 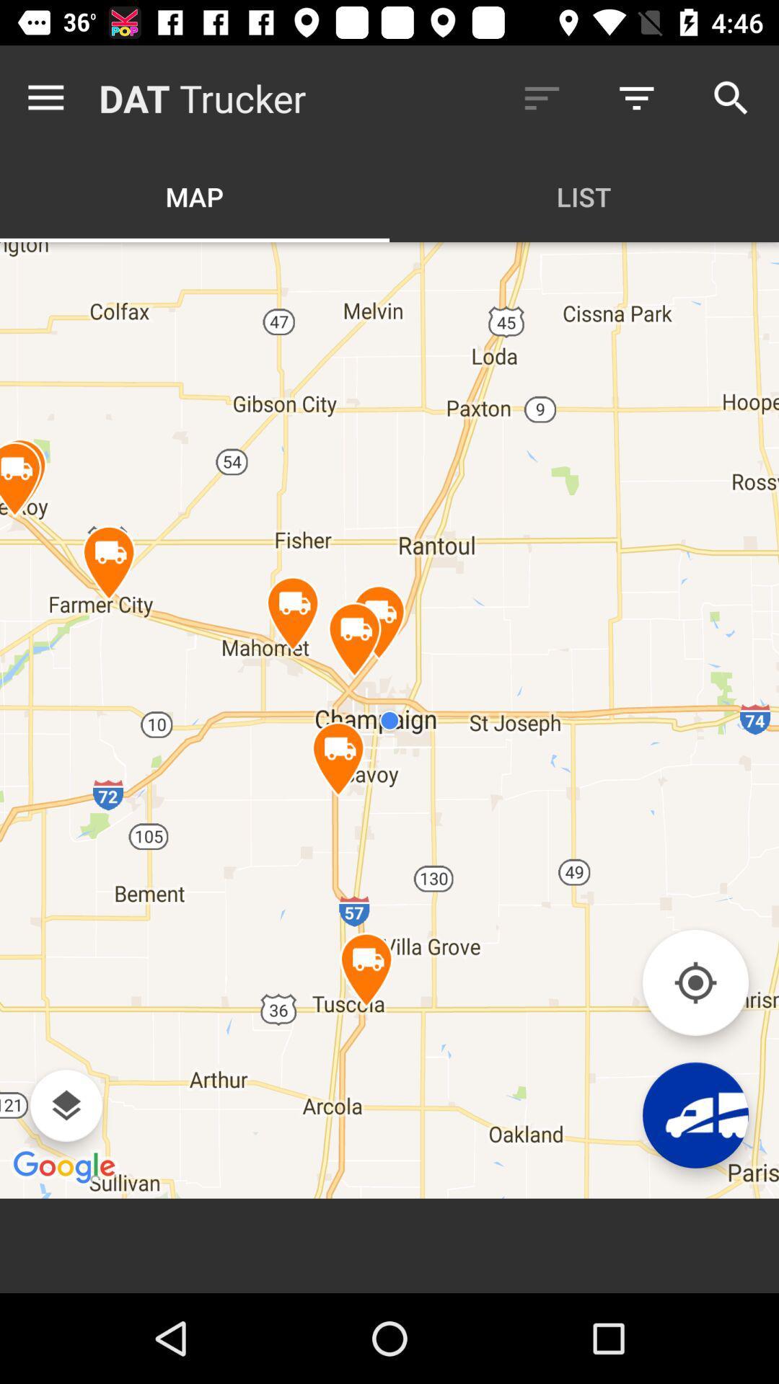 What do you see at coordinates (48, 97) in the screenshot?
I see `the item to the left of dat icon` at bounding box center [48, 97].